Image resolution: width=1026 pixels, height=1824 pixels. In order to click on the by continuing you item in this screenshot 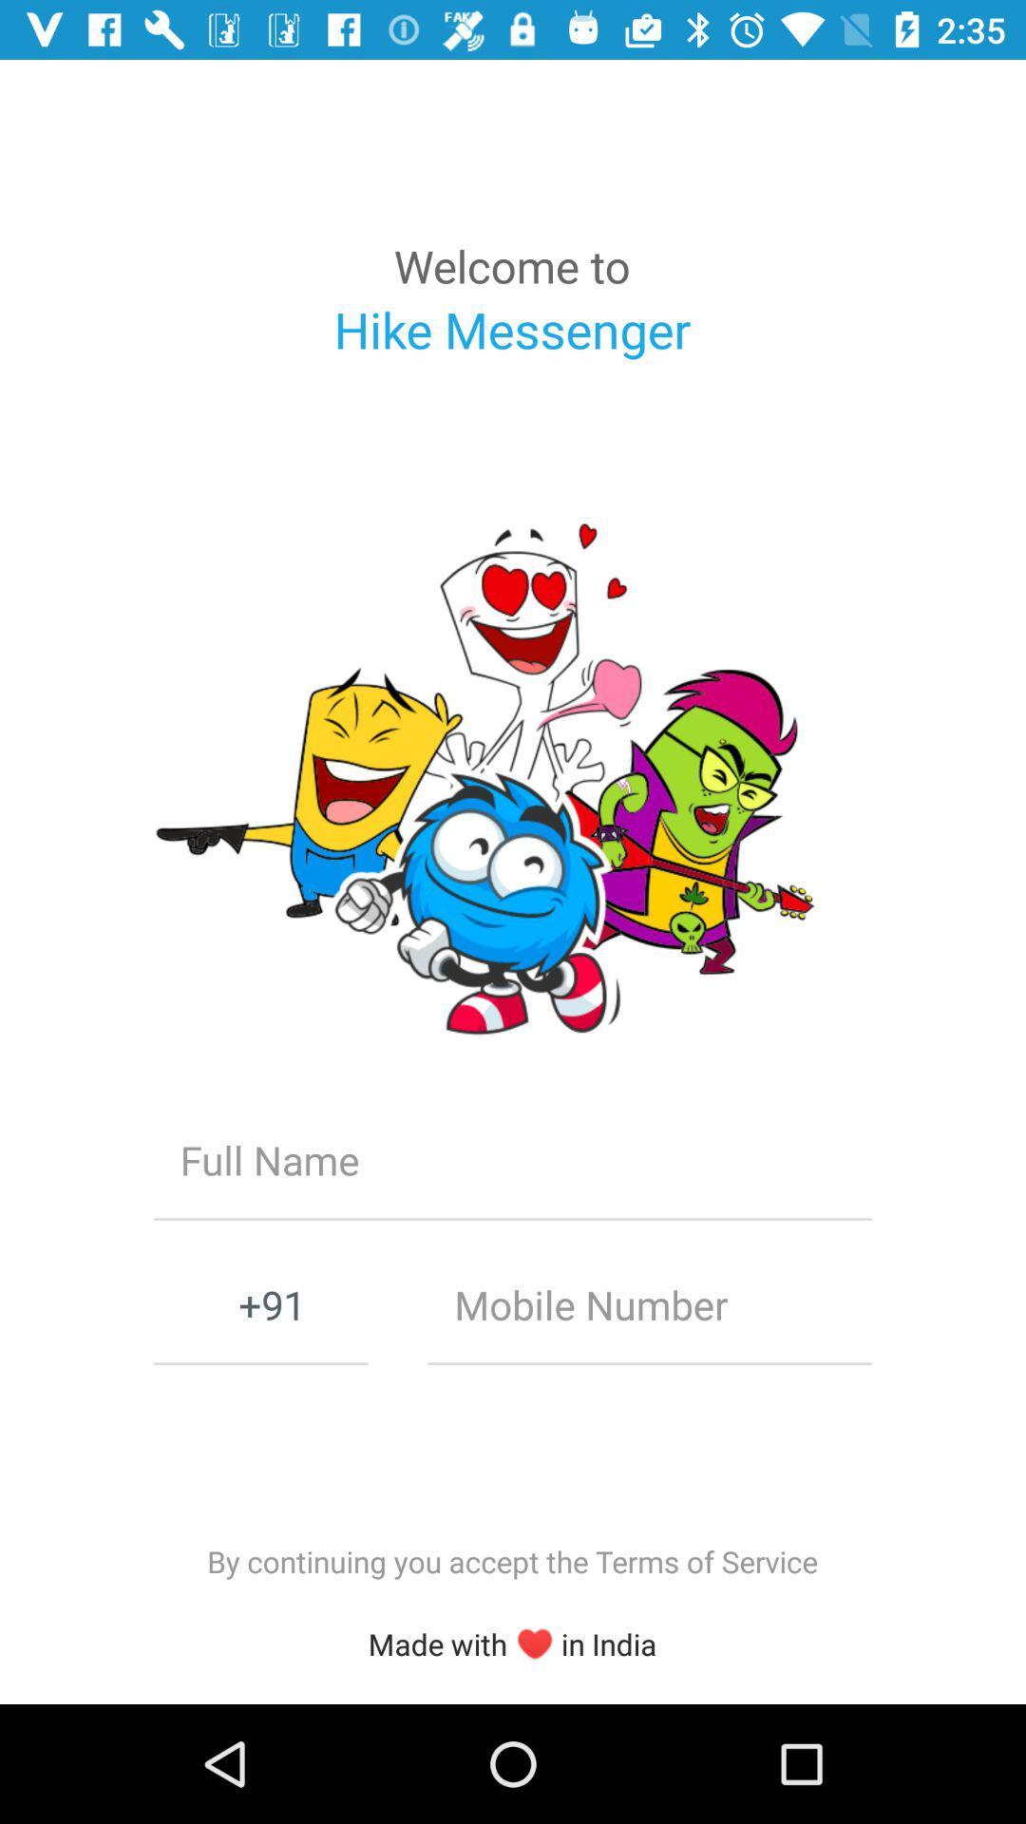, I will do `click(511, 1561)`.